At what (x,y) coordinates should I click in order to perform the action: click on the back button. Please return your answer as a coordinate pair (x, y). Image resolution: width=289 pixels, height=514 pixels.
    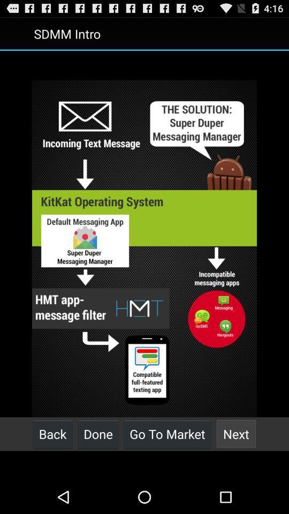
    Looking at the image, I should click on (52, 434).